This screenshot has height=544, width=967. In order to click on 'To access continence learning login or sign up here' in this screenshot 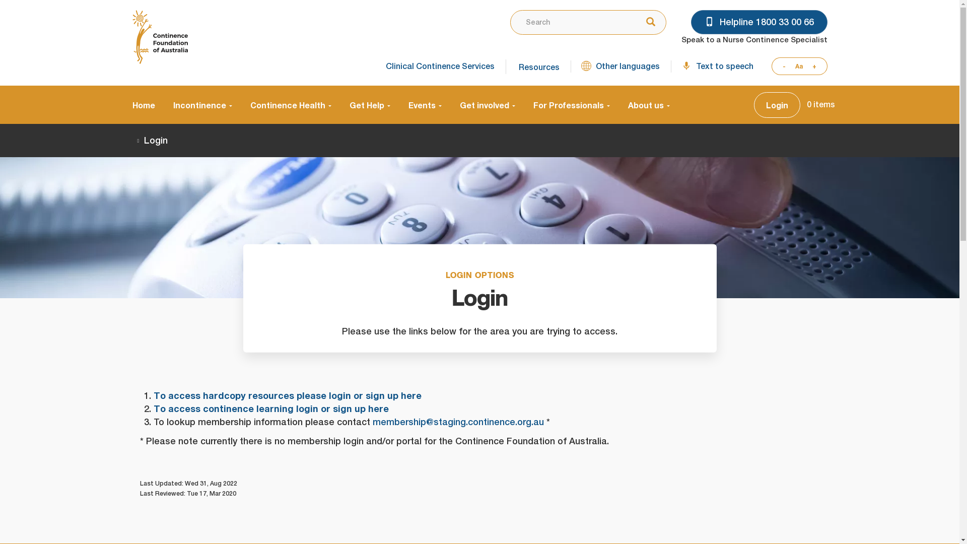, I will do `click(270, 409)`.